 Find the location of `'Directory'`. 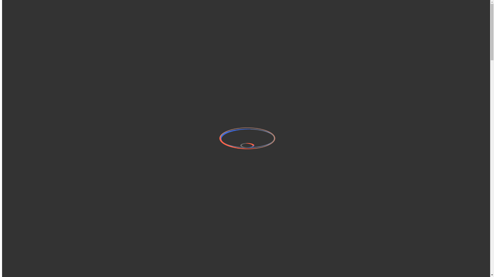

'Directory' is located at coordinates (20, 27).